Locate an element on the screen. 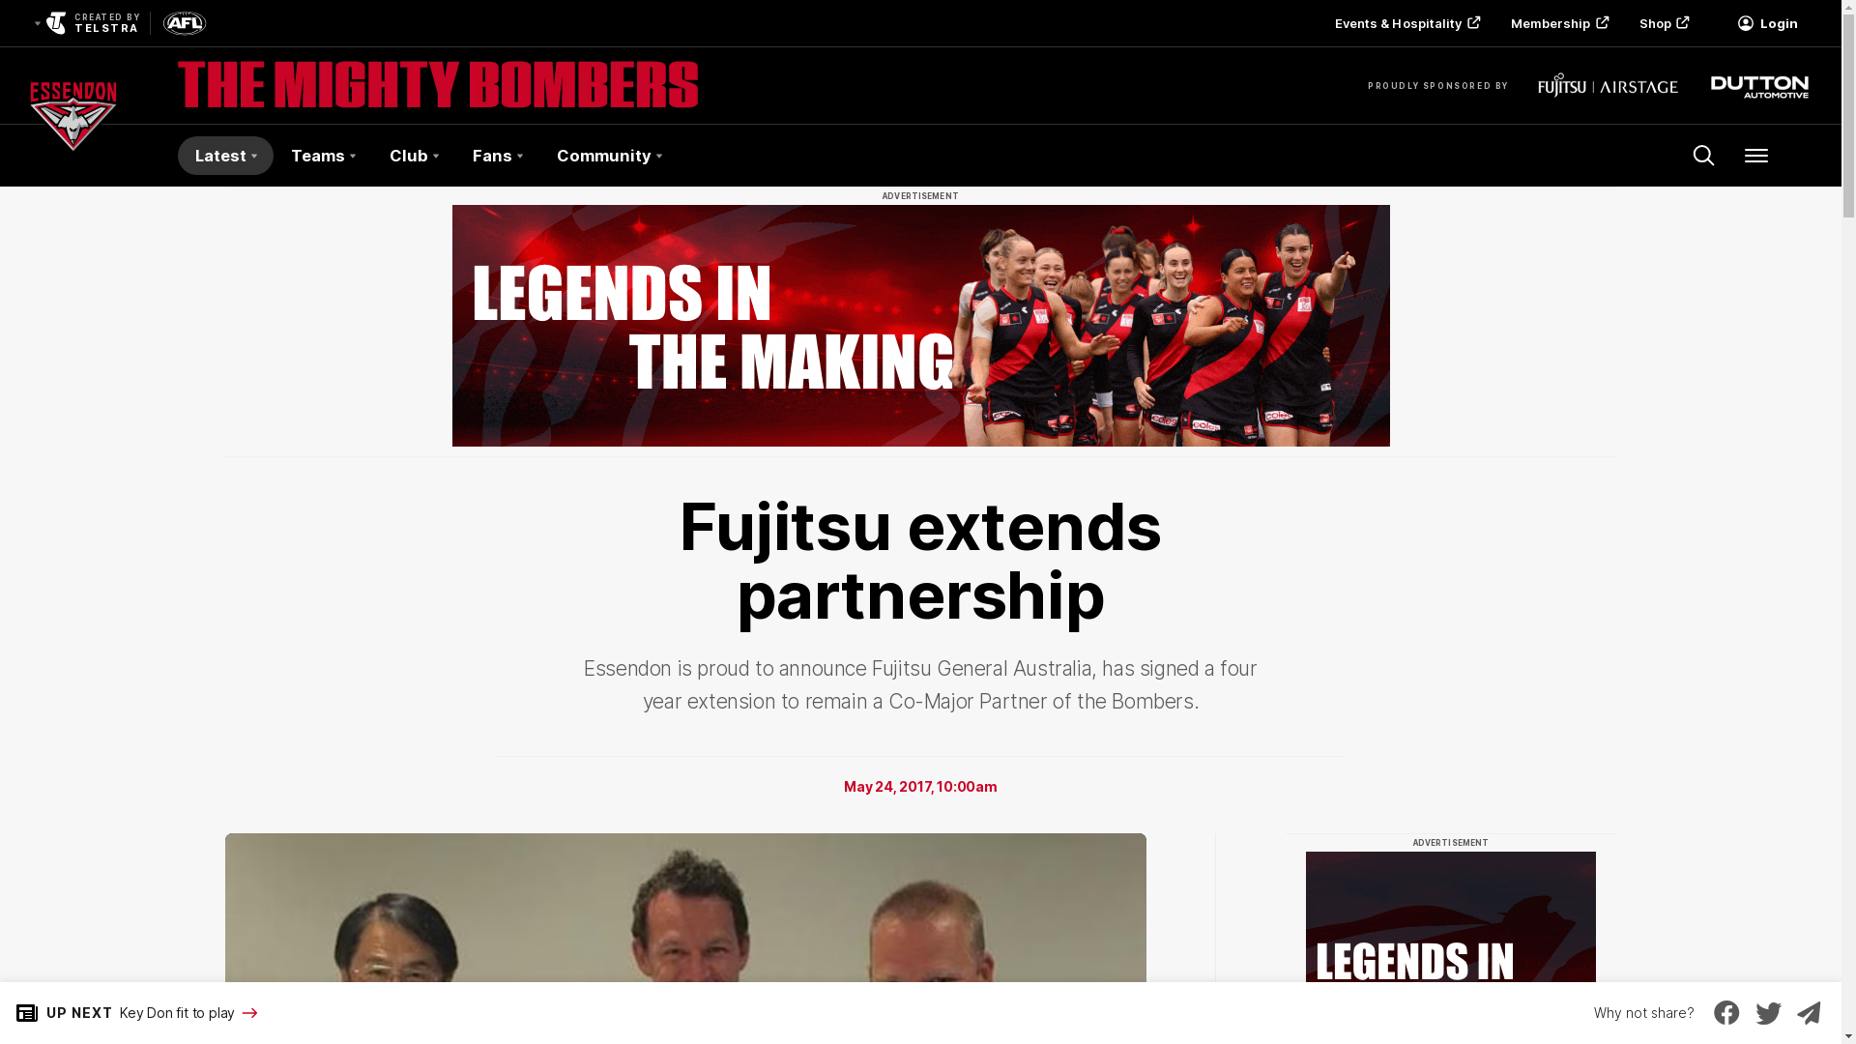  'Shop' is located at coordinates (1661, 22).